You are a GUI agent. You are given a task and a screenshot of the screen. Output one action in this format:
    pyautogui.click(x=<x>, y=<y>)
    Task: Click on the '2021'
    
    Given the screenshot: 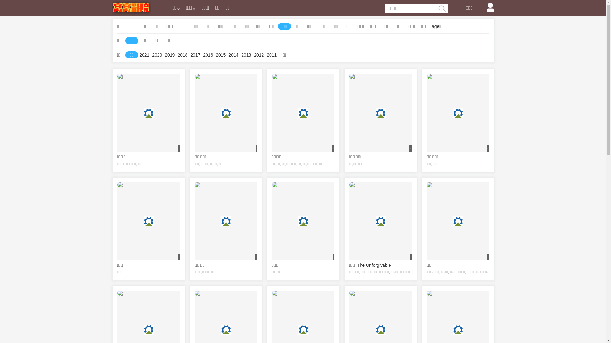 What is the action you would take?
    pyautogui.click(x=144, y=55)
    